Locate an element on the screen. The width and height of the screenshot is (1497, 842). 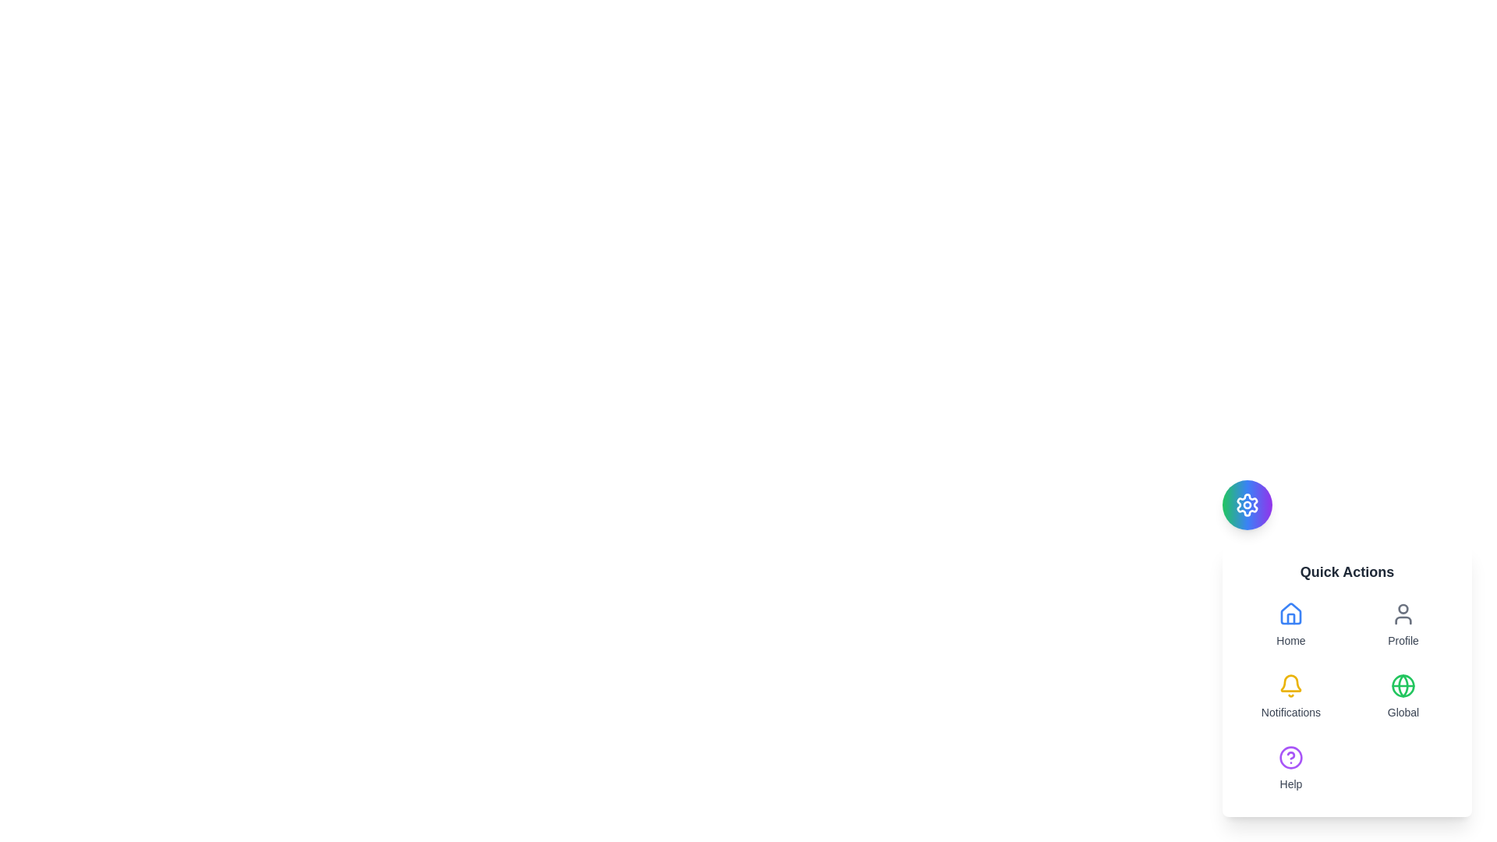
the 'Profile' button, which features a user icon and is located in the 'Quick Actions' section is located at coordinates (1403, 624).